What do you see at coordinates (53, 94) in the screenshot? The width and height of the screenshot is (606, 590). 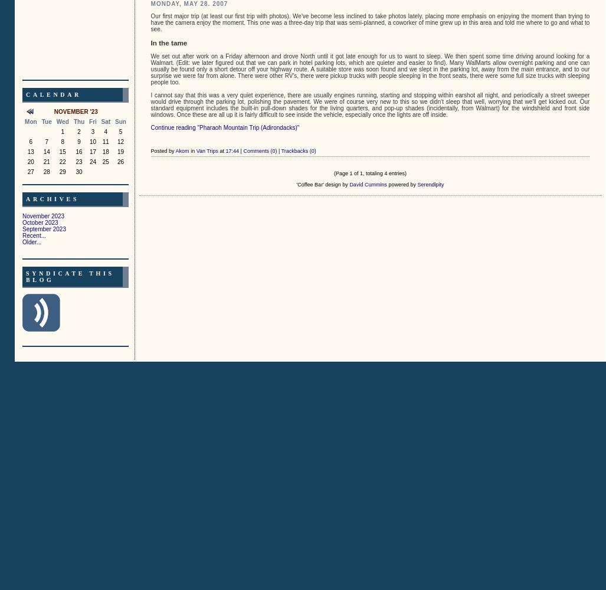 I see `'Calendar'` at bounding box center [53, 94].